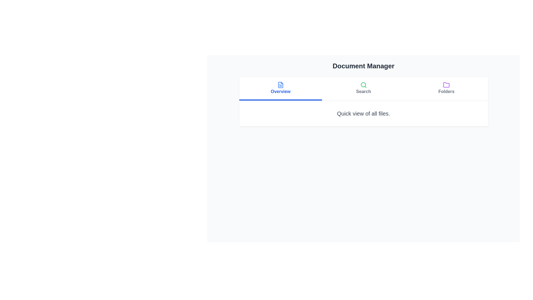 Image resolution: width=533 pixels, height=300 pixels. I want to click on the first button in the top-left section of the navigation bar, so click(280, 89).